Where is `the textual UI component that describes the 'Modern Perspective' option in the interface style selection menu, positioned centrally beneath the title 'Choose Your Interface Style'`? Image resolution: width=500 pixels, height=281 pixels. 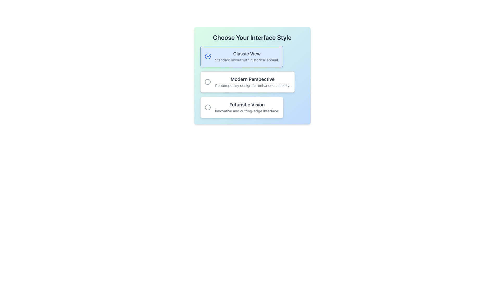
the textual UI component that describes the 'Modern Perspective' option in the interface style selection menu, positioned centrally beneath the title 'Choose Your Interface Style' is located at coordinates (252, 82).